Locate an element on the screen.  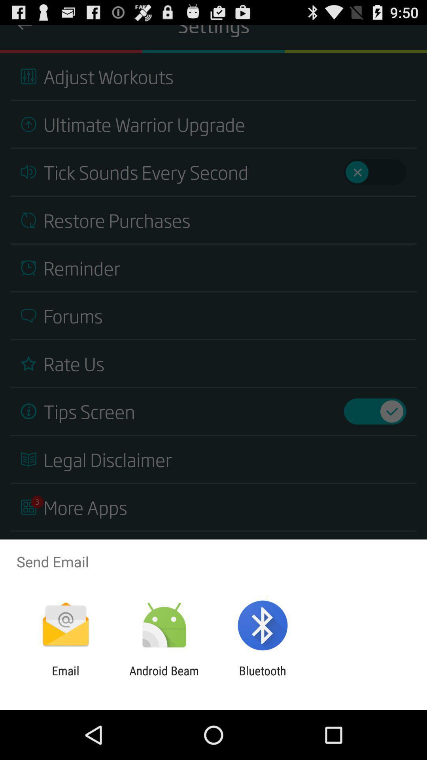
the app next to the email icon is located at coordinates (164, 677).